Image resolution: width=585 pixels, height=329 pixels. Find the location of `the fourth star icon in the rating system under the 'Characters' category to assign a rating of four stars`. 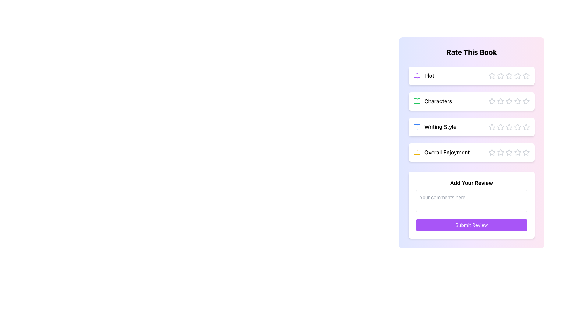

the fourth star icon in the rating system under the 'Characters' category to assign a rating of four stars is located at coordinates (509, 101).